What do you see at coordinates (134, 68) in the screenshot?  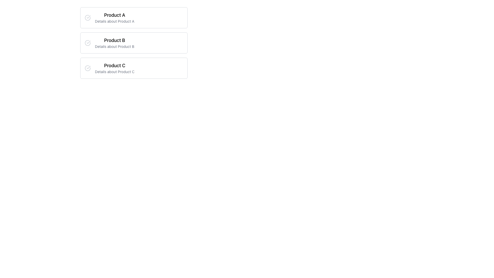 I see `the Selection Card for 'Product C', which is the third item in a vertical list of product cards` at bounding box center [134, 68].